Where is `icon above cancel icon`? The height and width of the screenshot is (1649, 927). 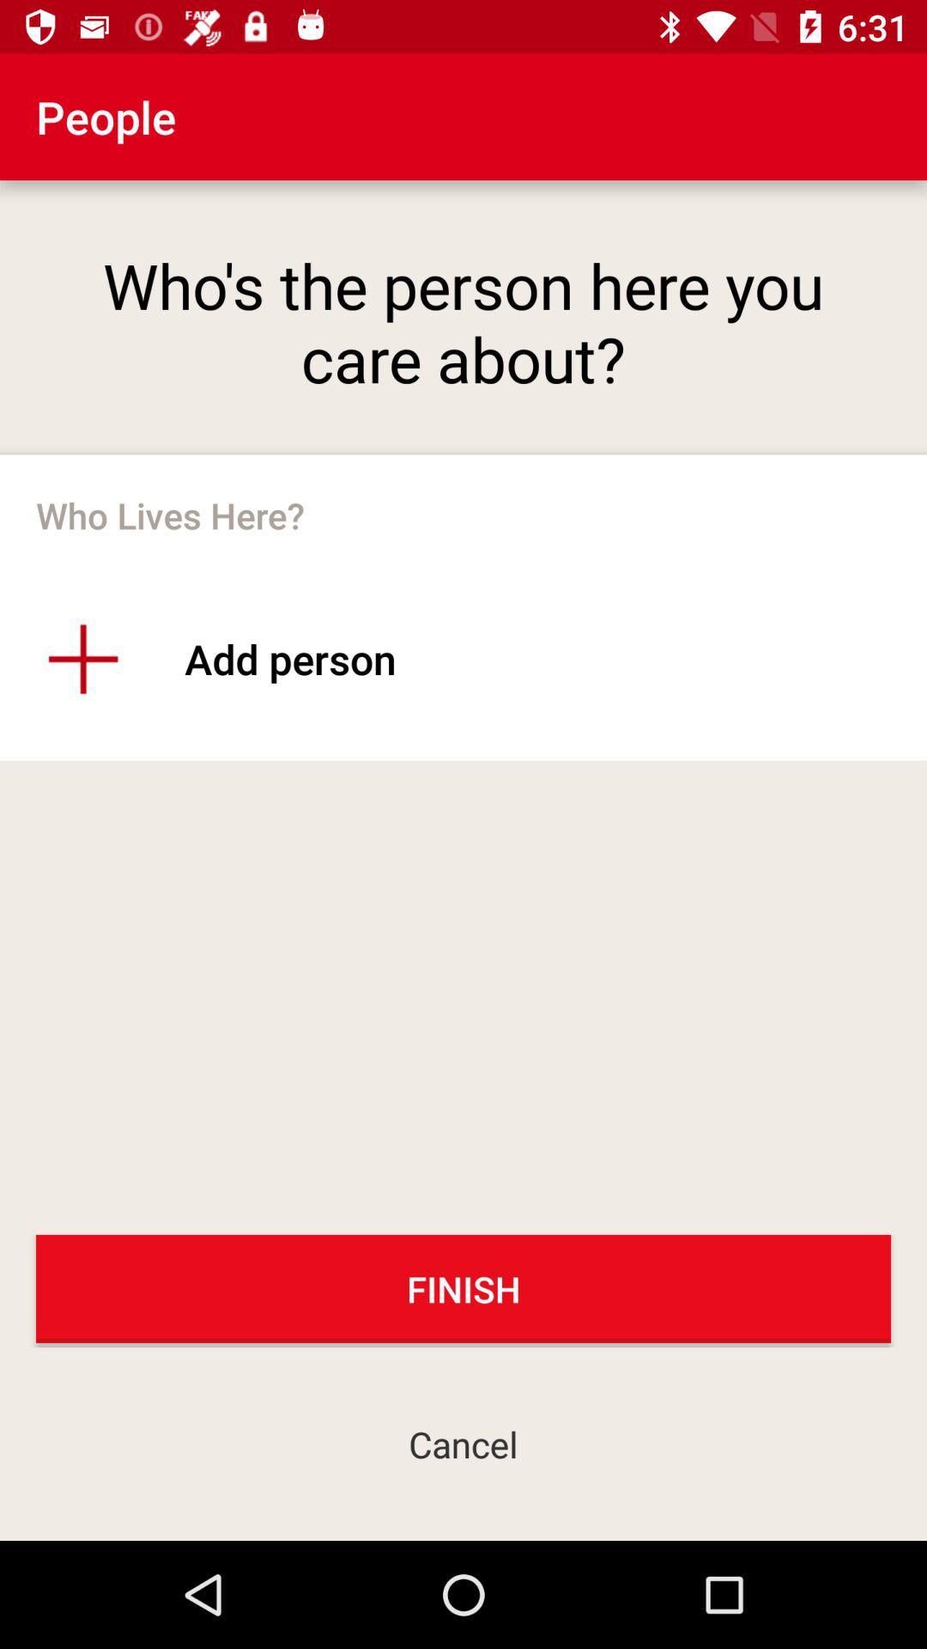
icon above cancel icon is located at coordinates (463, 1288).